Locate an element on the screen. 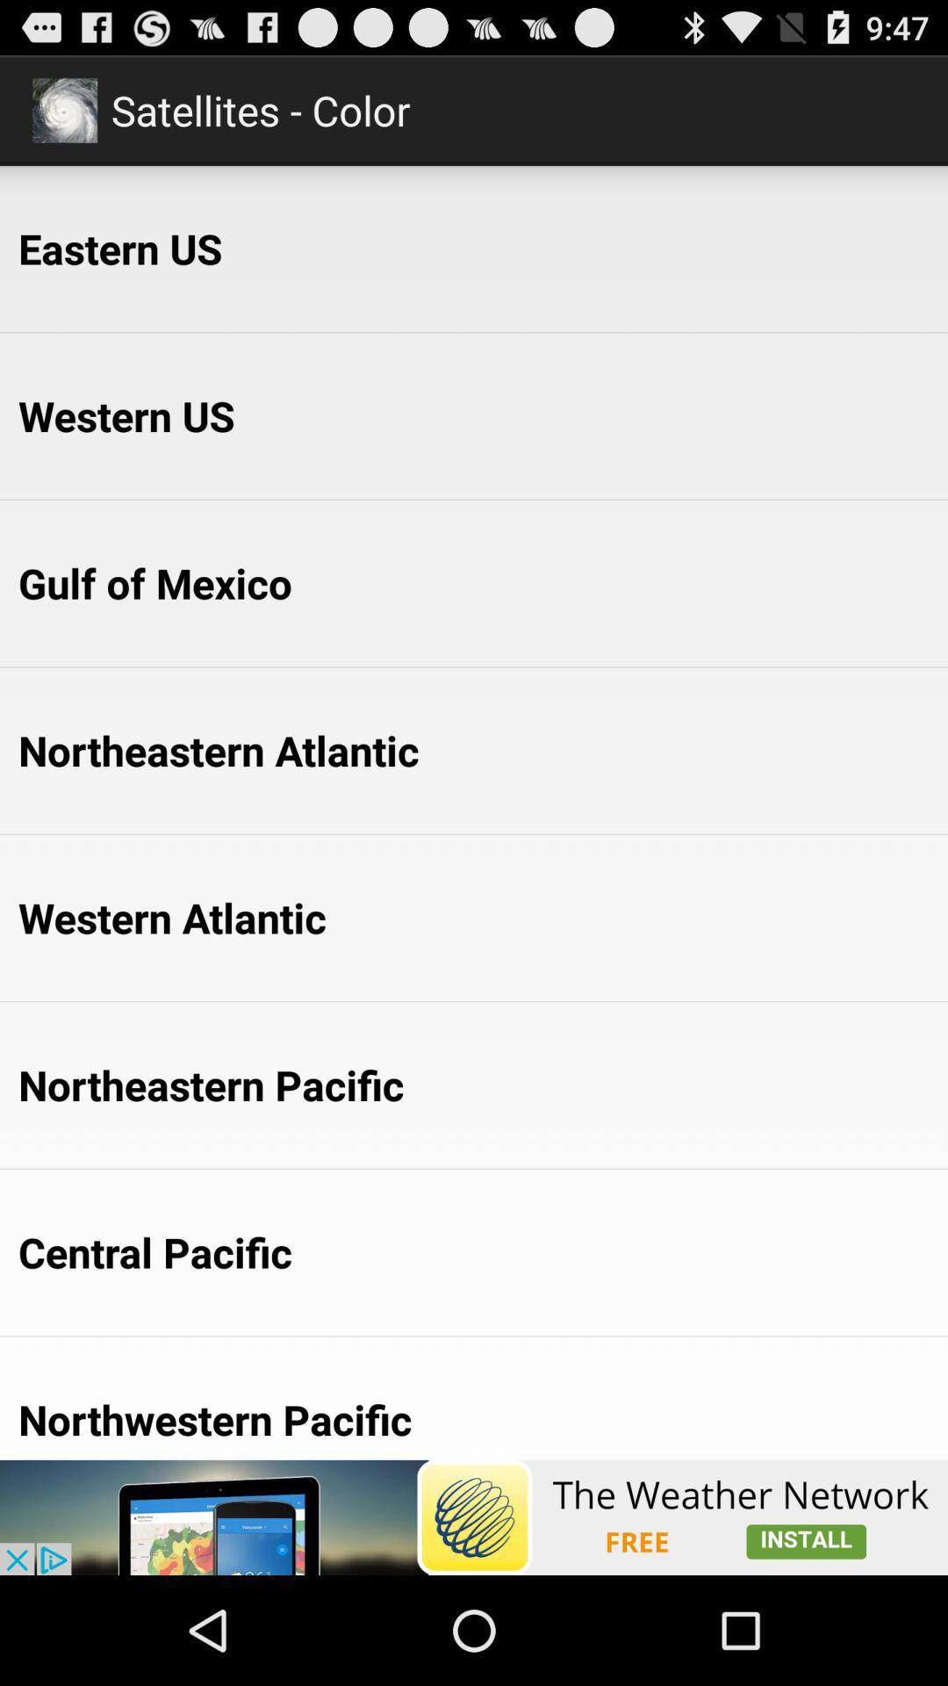  the app is located at coordinates (474, 1517).